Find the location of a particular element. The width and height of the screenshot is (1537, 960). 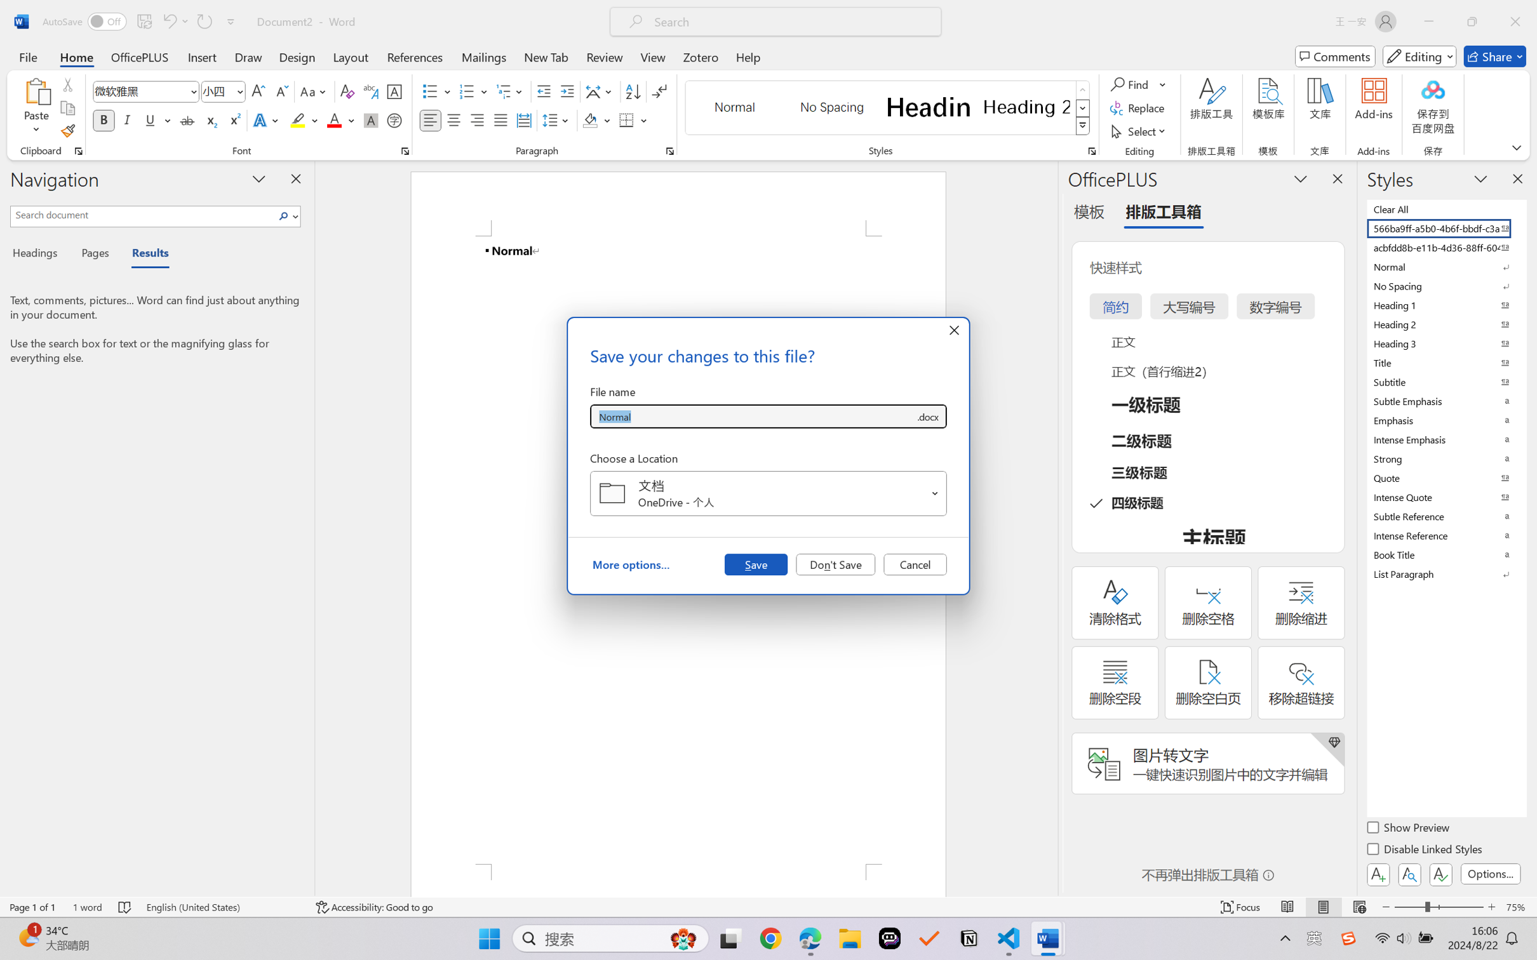

'Undo <ApplyStyleToDoc>b__0' is located at coordinates (168, 21).